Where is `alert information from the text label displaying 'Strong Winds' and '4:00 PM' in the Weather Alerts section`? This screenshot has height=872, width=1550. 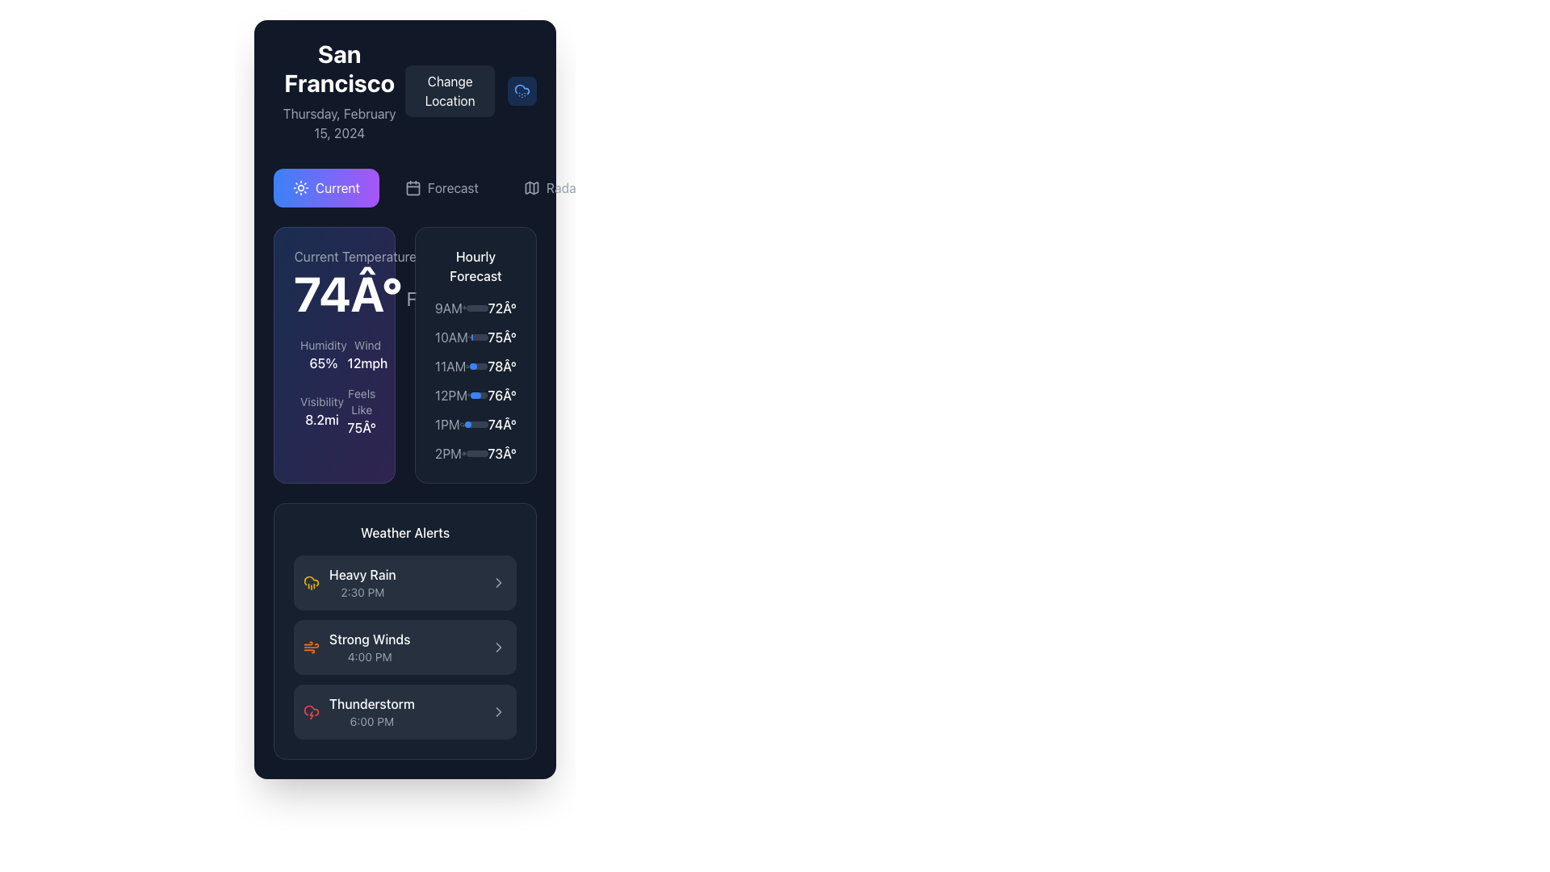
alert information from the text label displaying 'Strong Winds' and '4:00 PM' in the Weather Alerts section is located at coordinates (369, 647).